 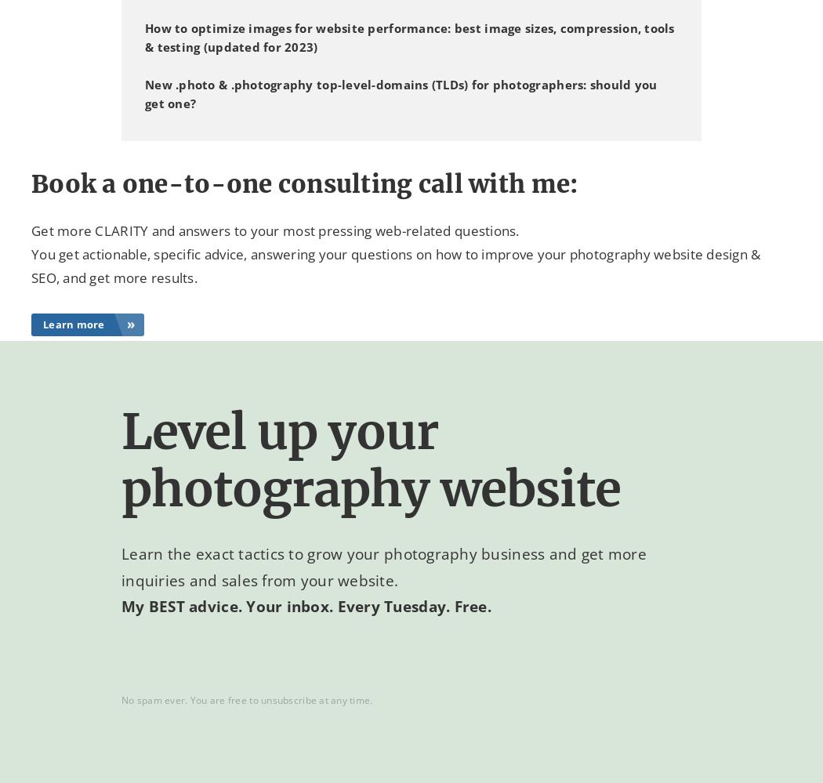 I want to click on 'and get more inquiries and sales from your website.', so click(x=382, y=566).